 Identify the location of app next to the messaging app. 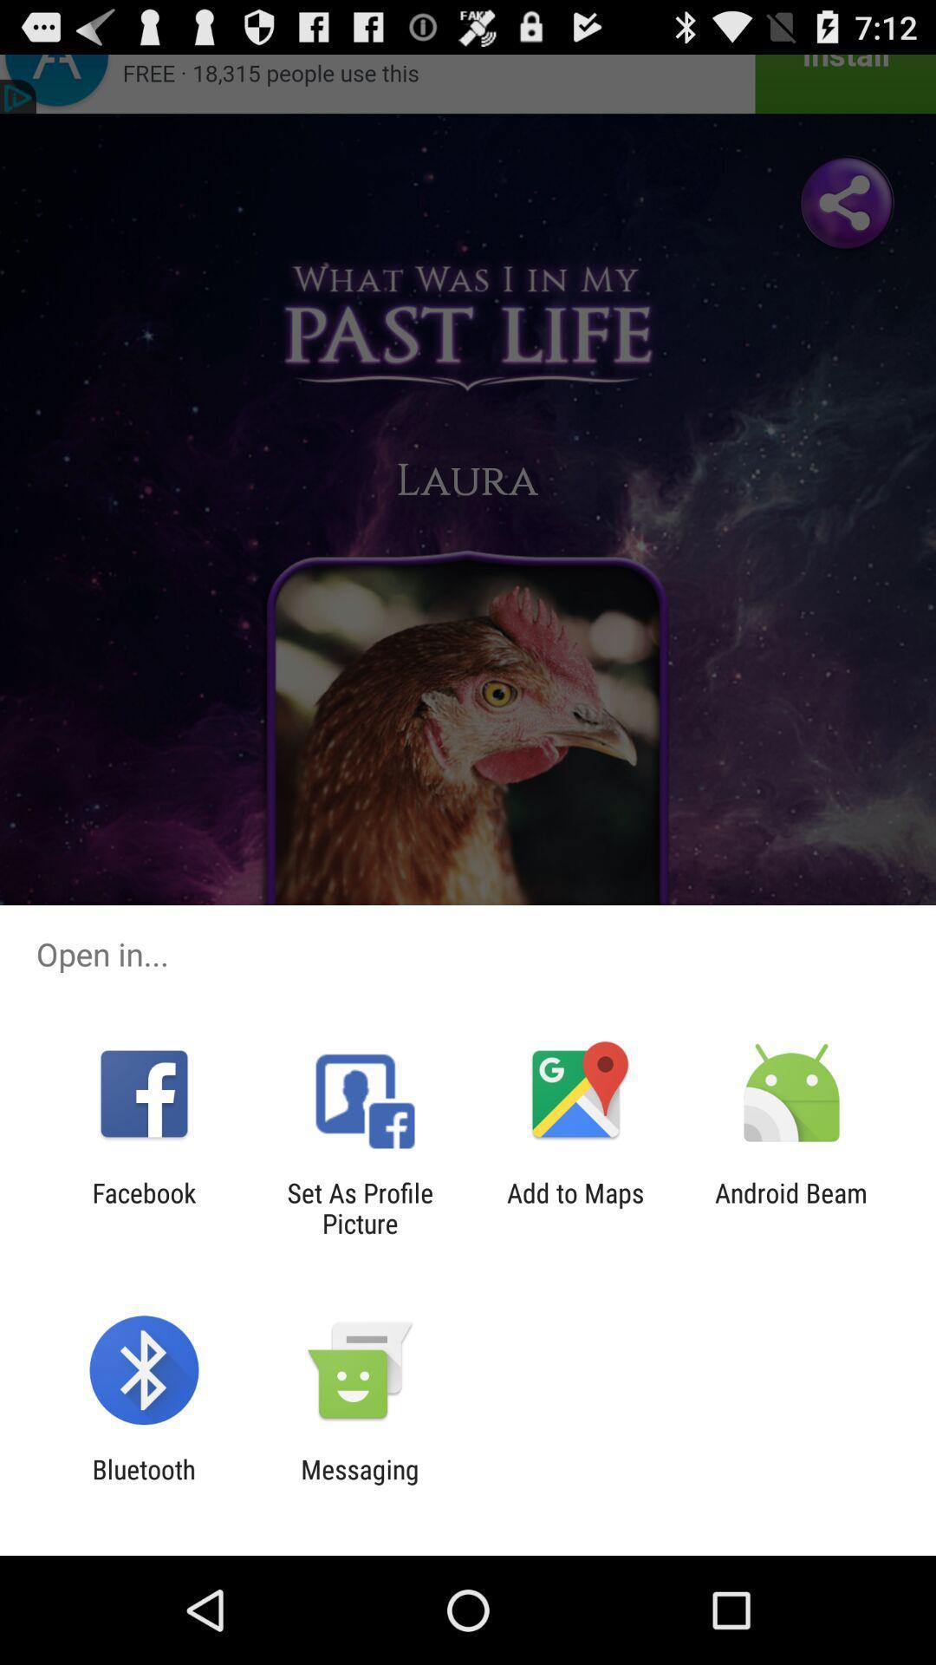
(143, 1484).